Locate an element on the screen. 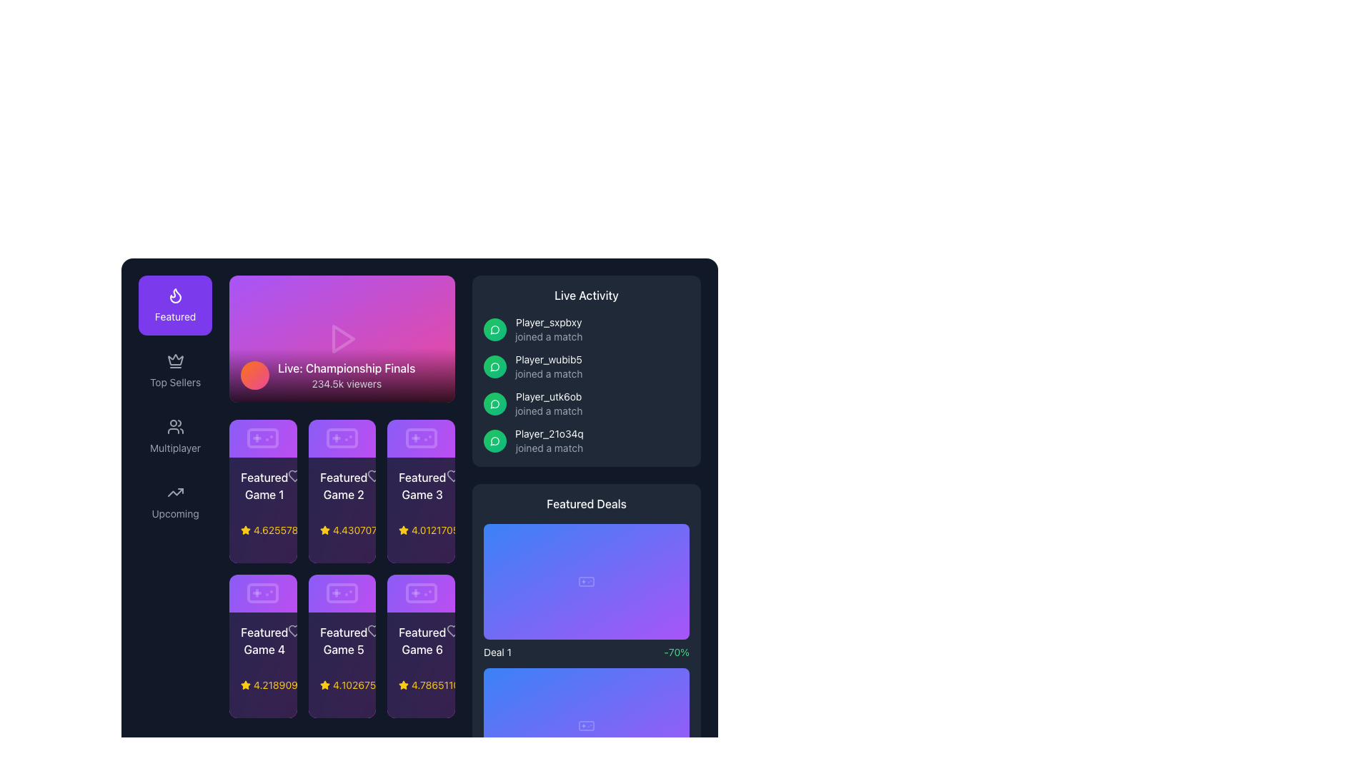  the details of the 'Featured Game 3' informational card, which is a rectangular card with a gradient background and contains a game controller icon at the top, along with the title, rating, and online count below is located at coordinates (420, 490).